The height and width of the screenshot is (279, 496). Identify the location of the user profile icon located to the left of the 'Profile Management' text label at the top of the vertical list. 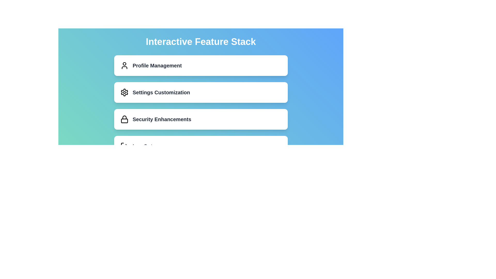
(124, 65).